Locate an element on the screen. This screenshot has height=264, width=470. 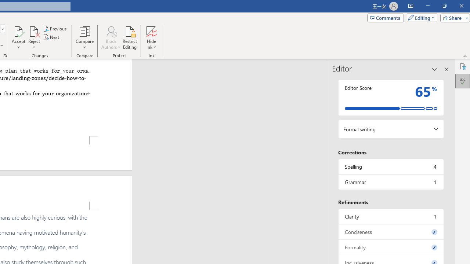
'Restrict Editing' is located at coordinates (130, 38).